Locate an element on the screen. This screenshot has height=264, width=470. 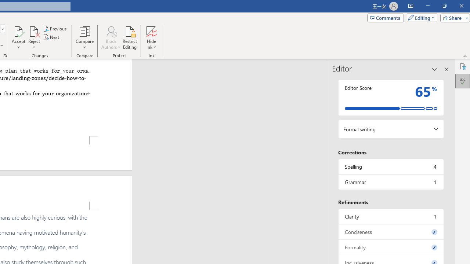
'Restrict Editing' is located at coordinates (130, 38).